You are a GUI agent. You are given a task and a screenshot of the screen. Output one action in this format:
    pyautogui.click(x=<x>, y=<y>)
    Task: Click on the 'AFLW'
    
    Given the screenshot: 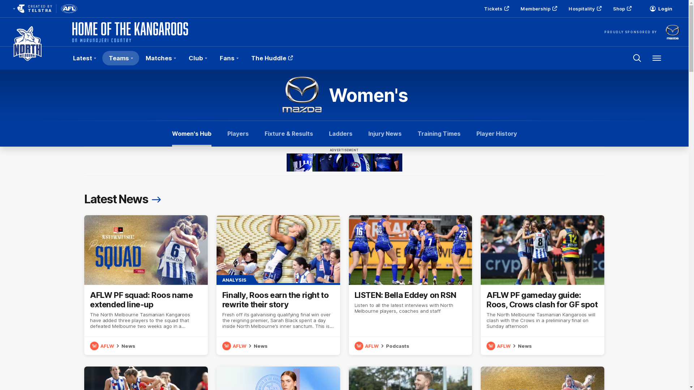 What is the action you would take?
    pyautogui.click(x=235, y=345)
    